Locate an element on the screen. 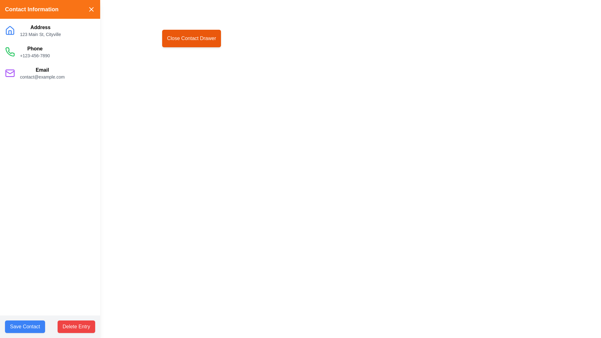 This screenshot has width=601, height=338. the Text Display that shows the user's email address, located under the 'Contact Information' header, specifically positioned between the 'Phone' entry and any elements below is located at coordinates (42, 73).